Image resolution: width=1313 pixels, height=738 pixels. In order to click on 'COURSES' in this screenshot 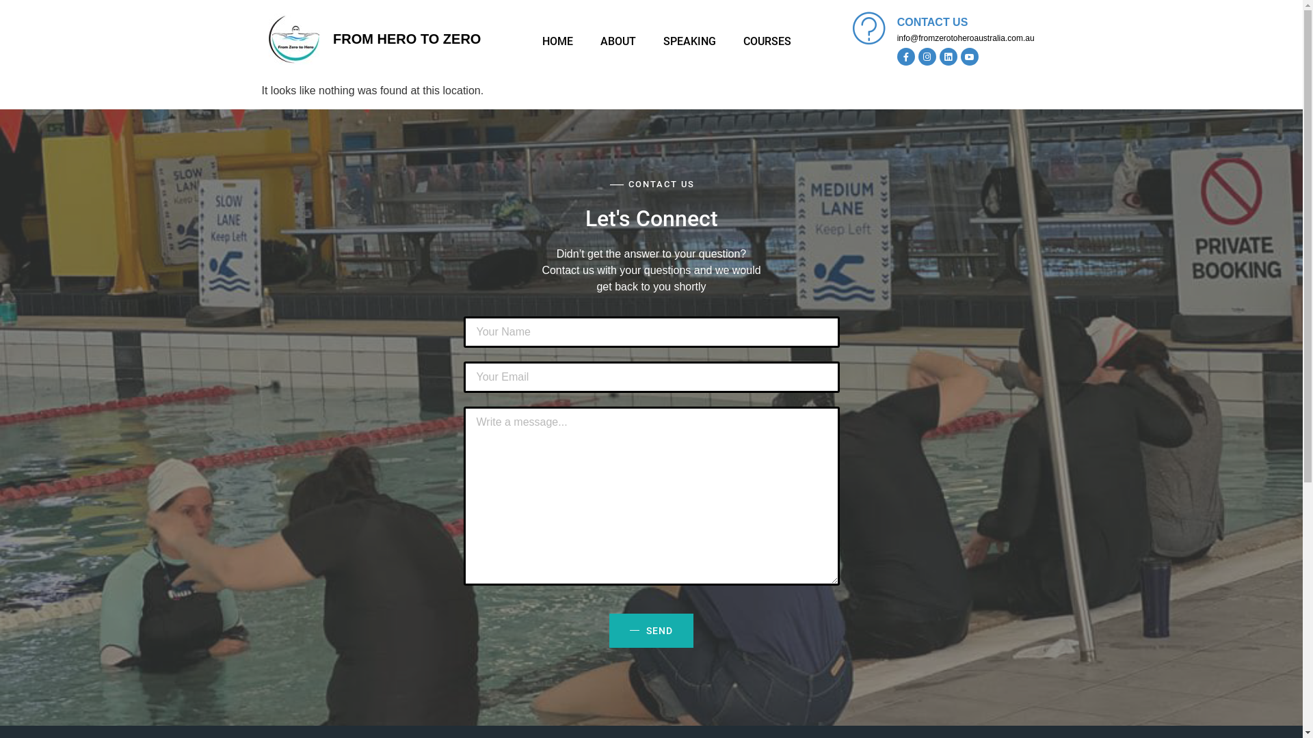, I will do `click(767, 41)`.